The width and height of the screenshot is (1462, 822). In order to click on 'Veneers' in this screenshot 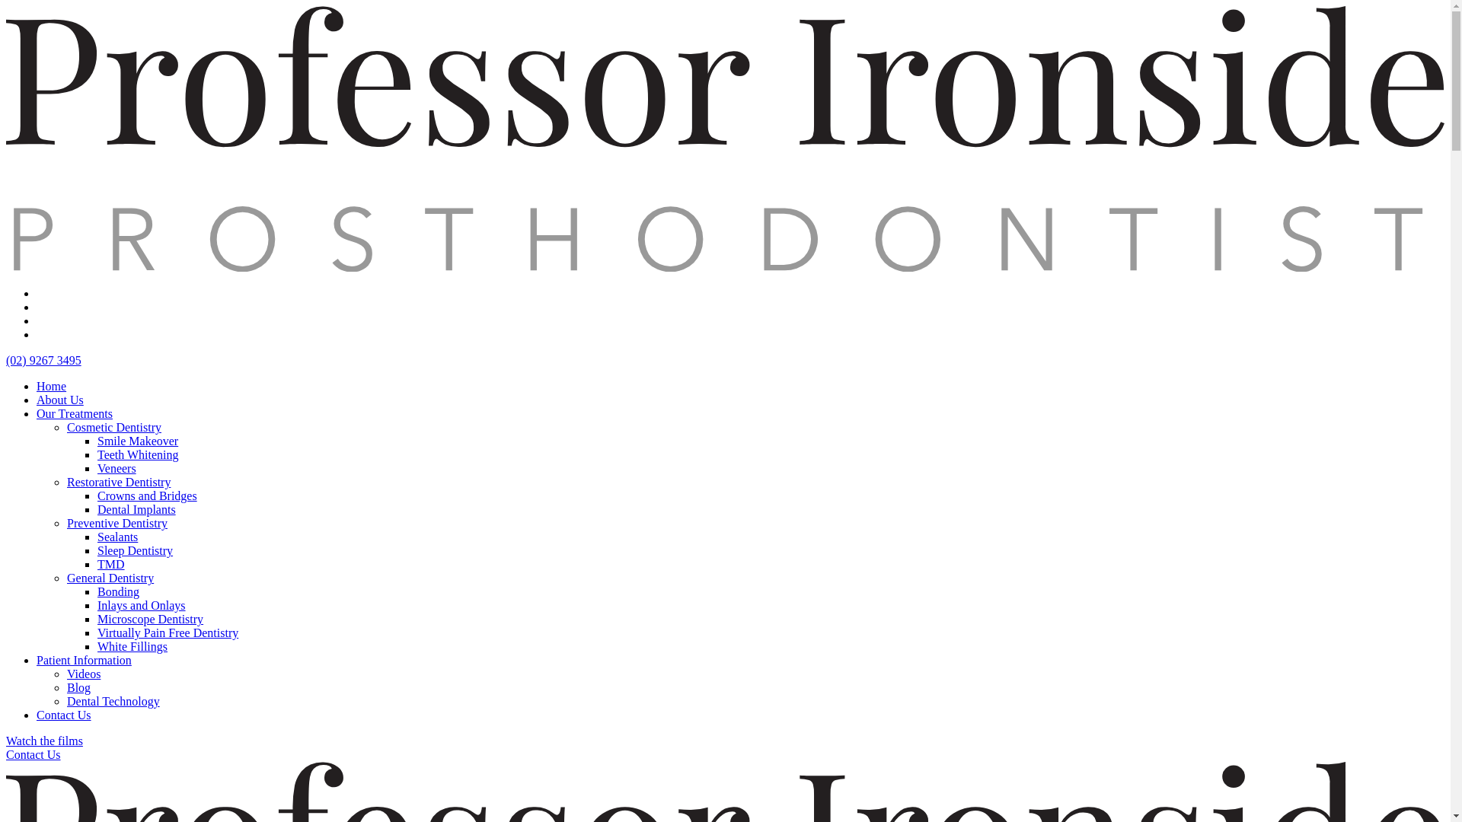, I will do `click(116, 467)`.